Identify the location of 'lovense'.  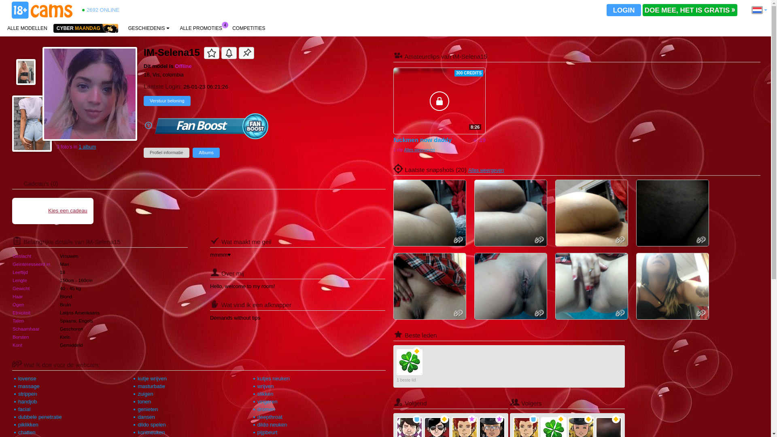
(27, 378).